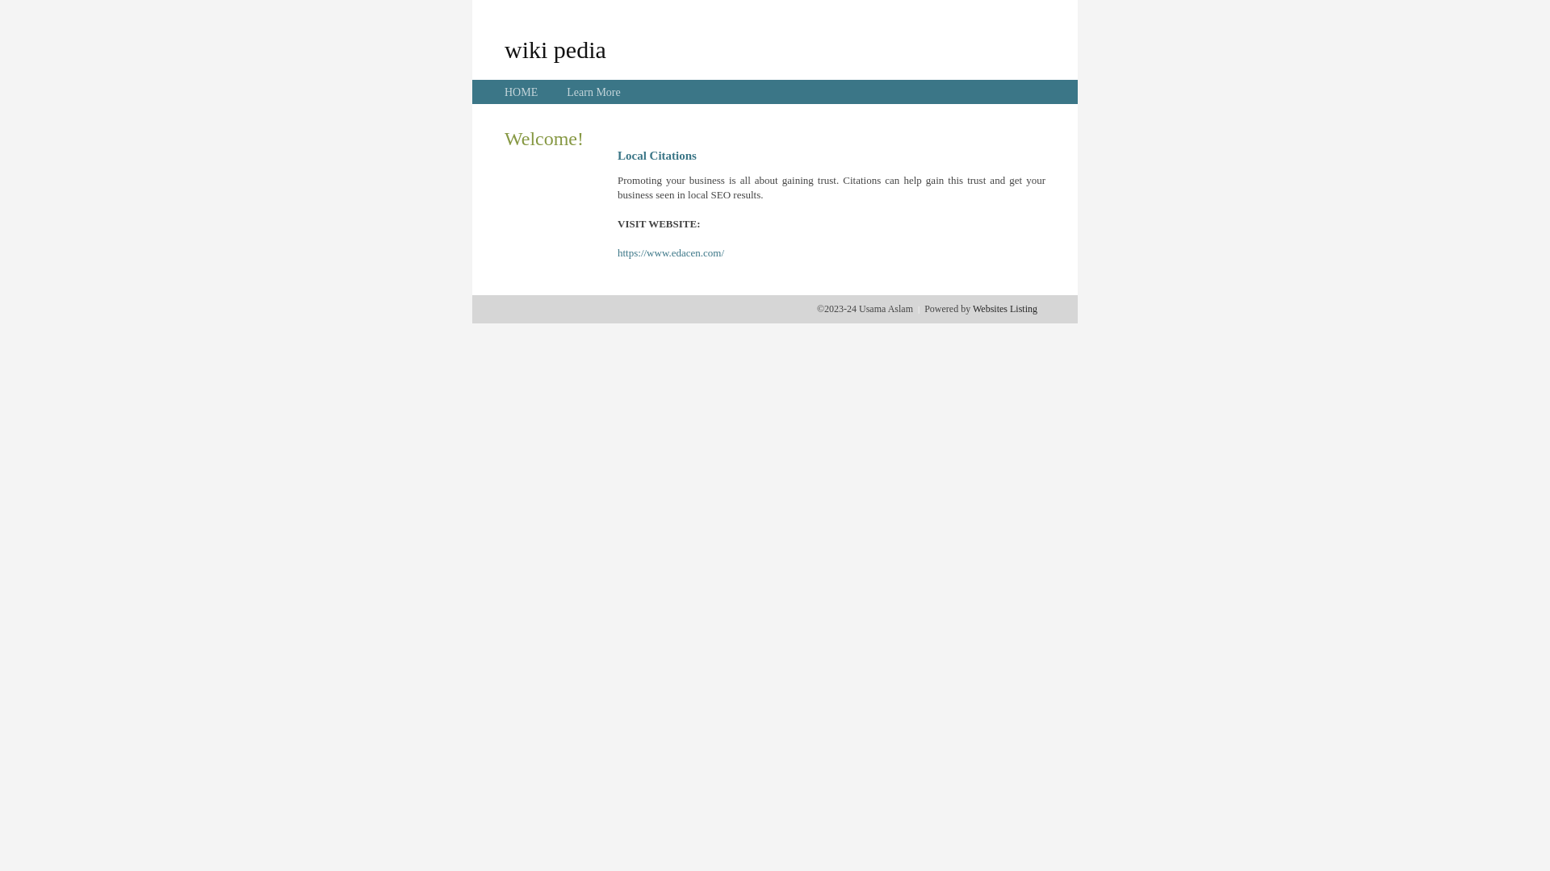 The height and width of the screenshot is (871, 1550). What do you see at coordinates (670, 252) in the screenshot?
I see `'https://www.edacen.com/'` at bounding box center [670, 252].